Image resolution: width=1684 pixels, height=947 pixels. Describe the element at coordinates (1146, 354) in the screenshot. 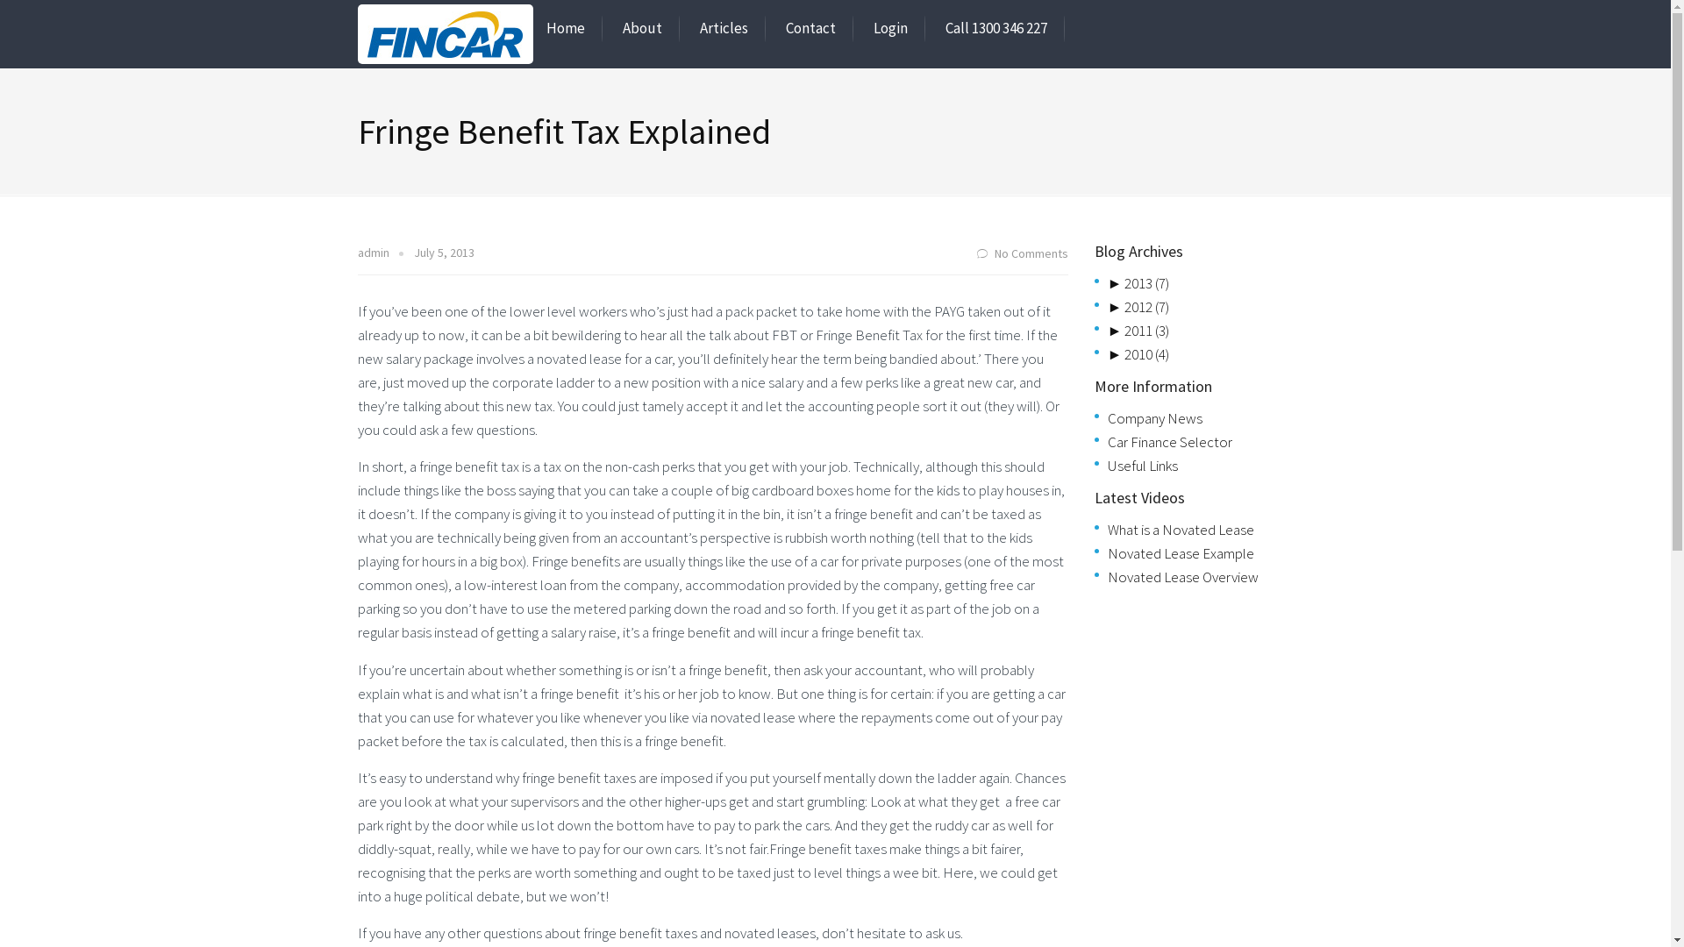

I see `'2010 (4)'` at that location.